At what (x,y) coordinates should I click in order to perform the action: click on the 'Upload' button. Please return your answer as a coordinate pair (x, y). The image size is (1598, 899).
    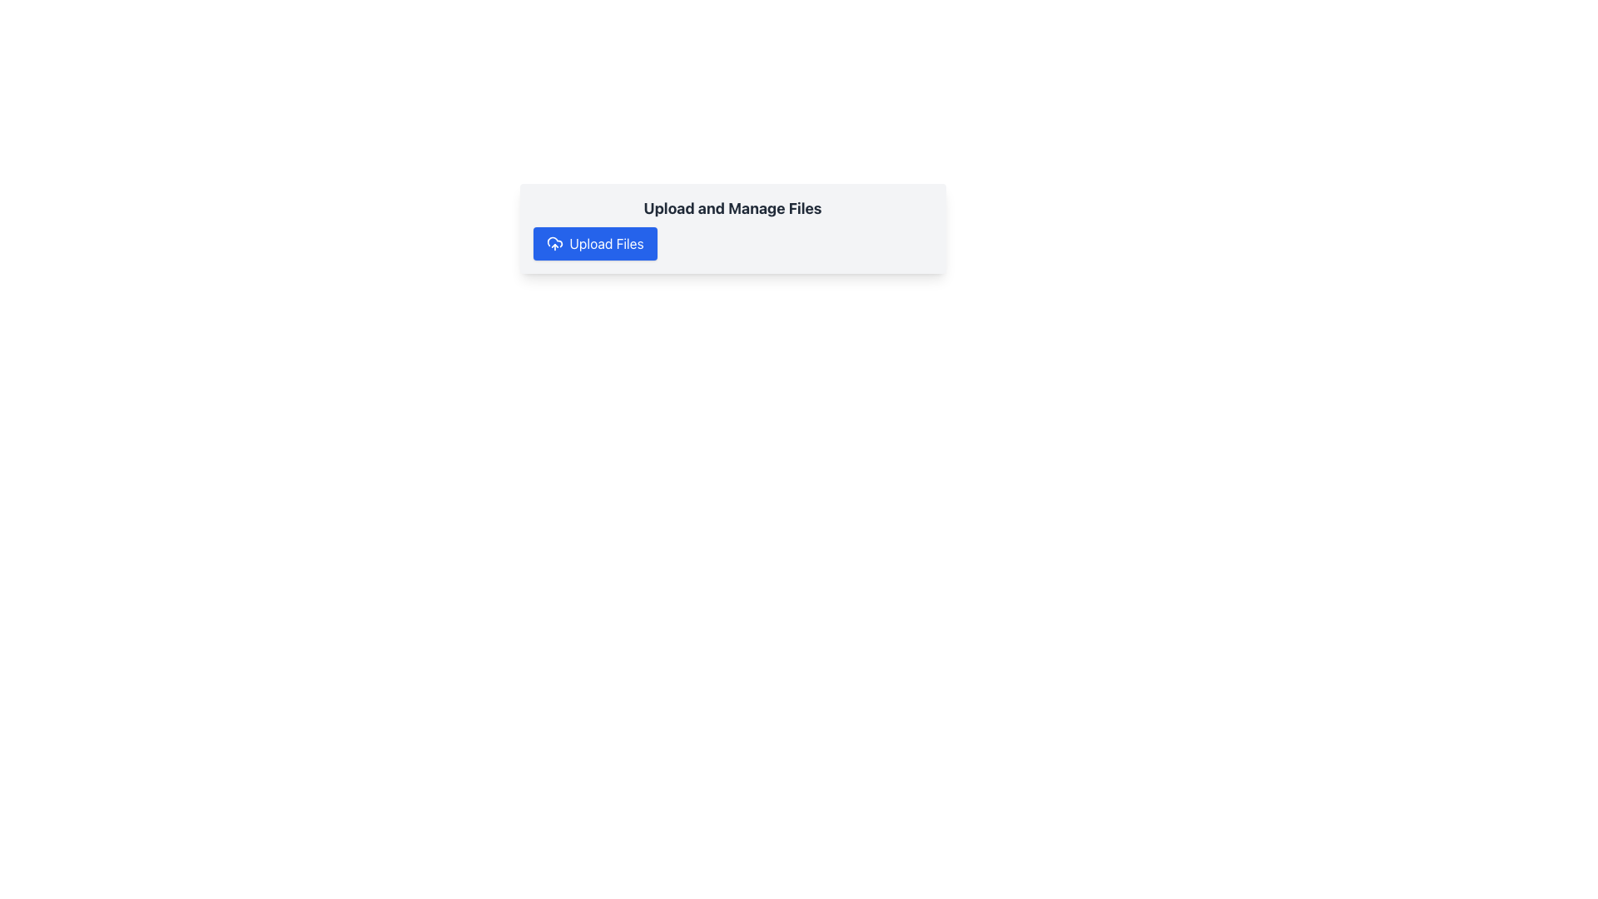
    Looking at the image, I should click on (595, 244).